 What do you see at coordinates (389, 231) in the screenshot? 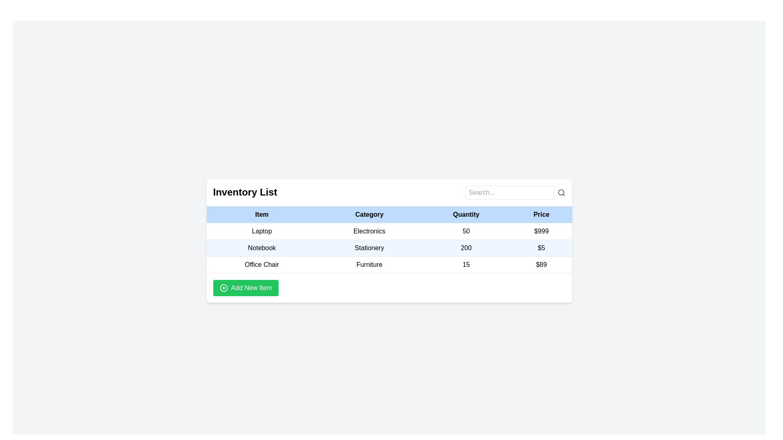
I see `the first row in the inventory list table displaying 'Laptop' in the item column, 'Electronics' in the category column, '50' in the quantity column, and '$999' in the price column` at bounding box center [389, 231].